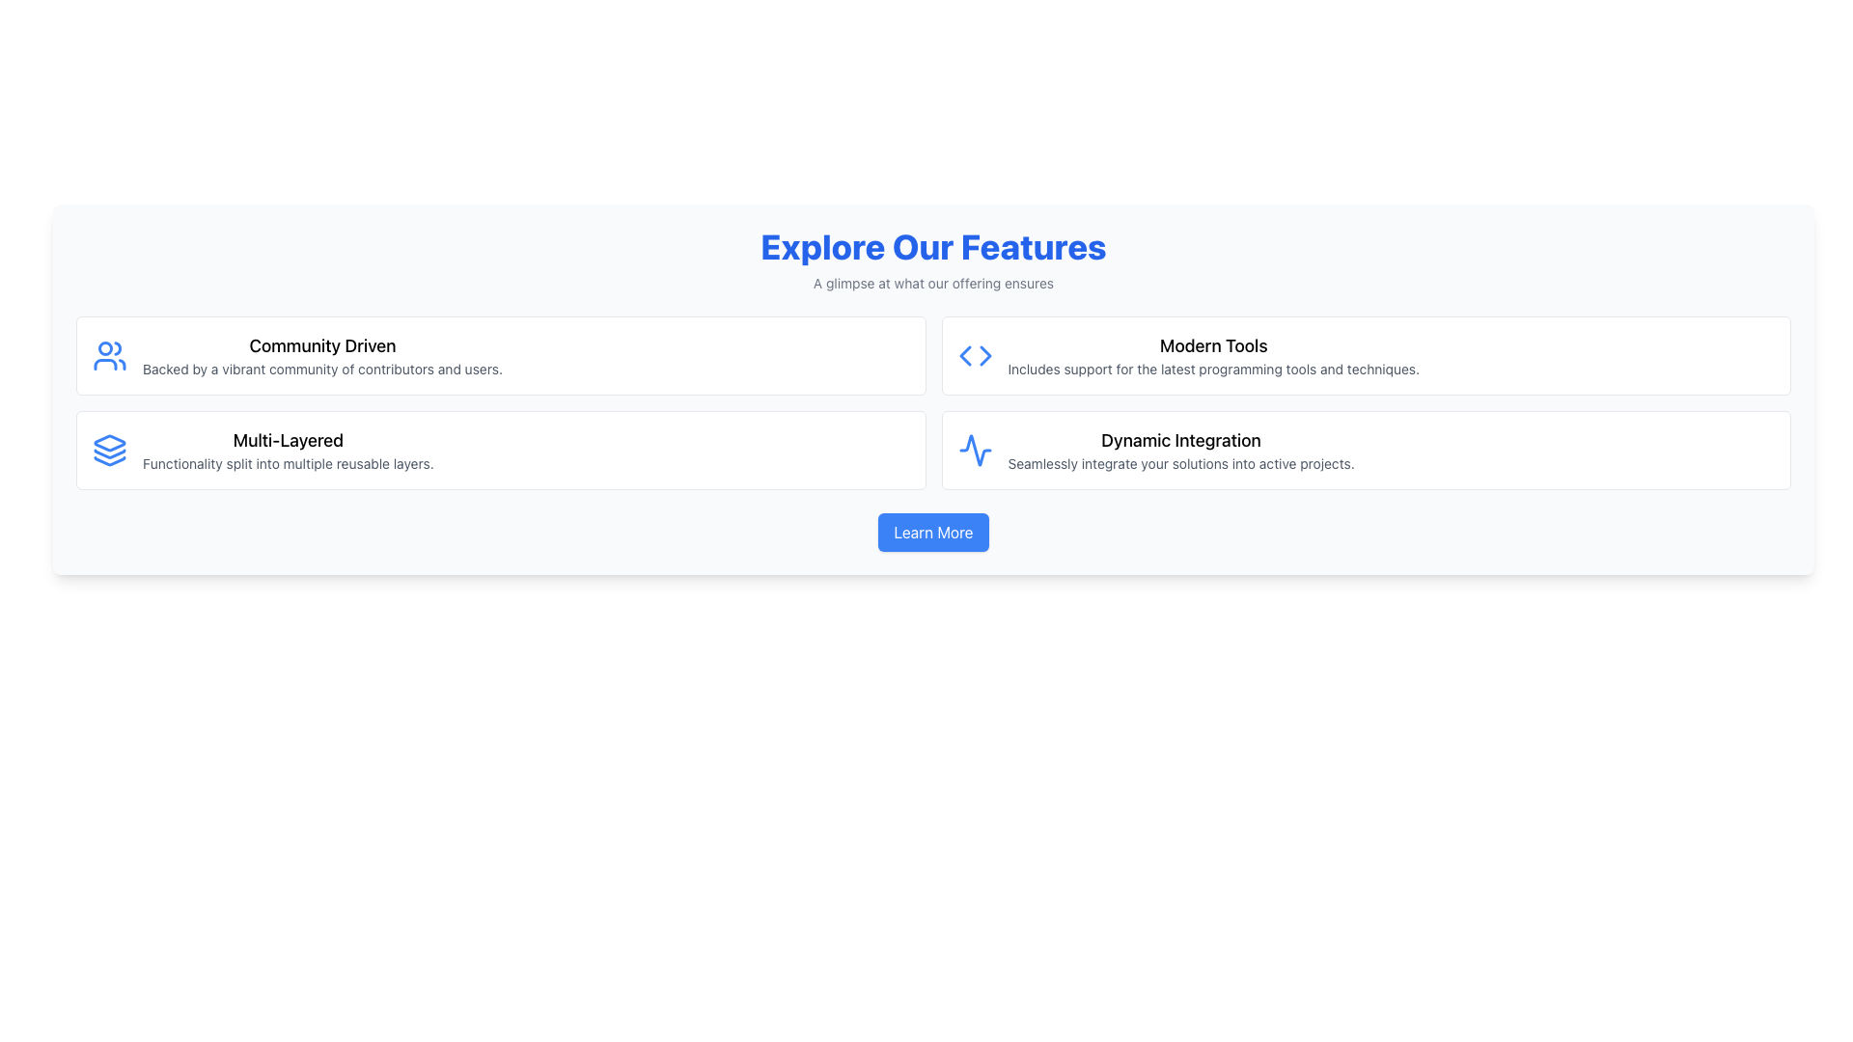 The height and width of the screenshot is (1042, 1853). I want to click on the blue community icon depicting a group of people, which is located to the left of the title text 'Community Driven', so click(109, 356).